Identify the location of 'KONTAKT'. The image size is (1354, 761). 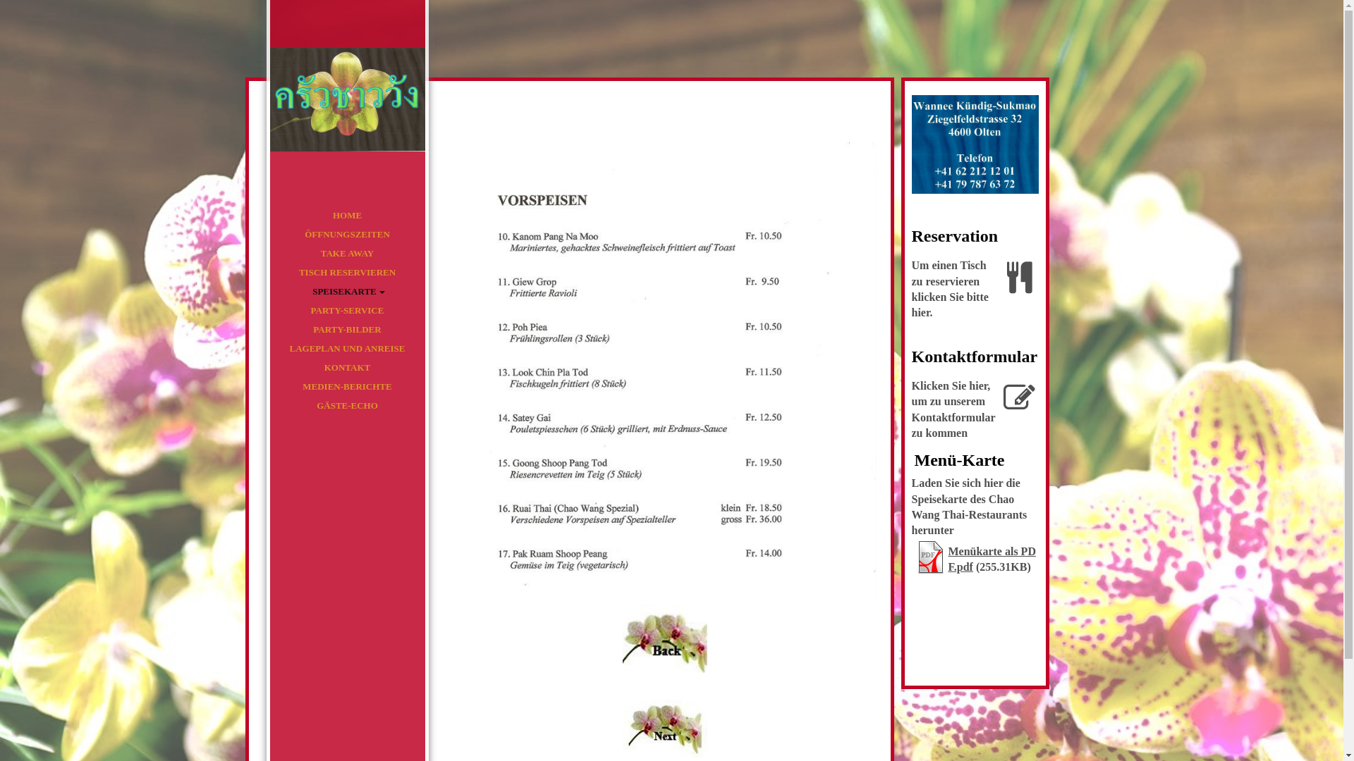
(346, 366).